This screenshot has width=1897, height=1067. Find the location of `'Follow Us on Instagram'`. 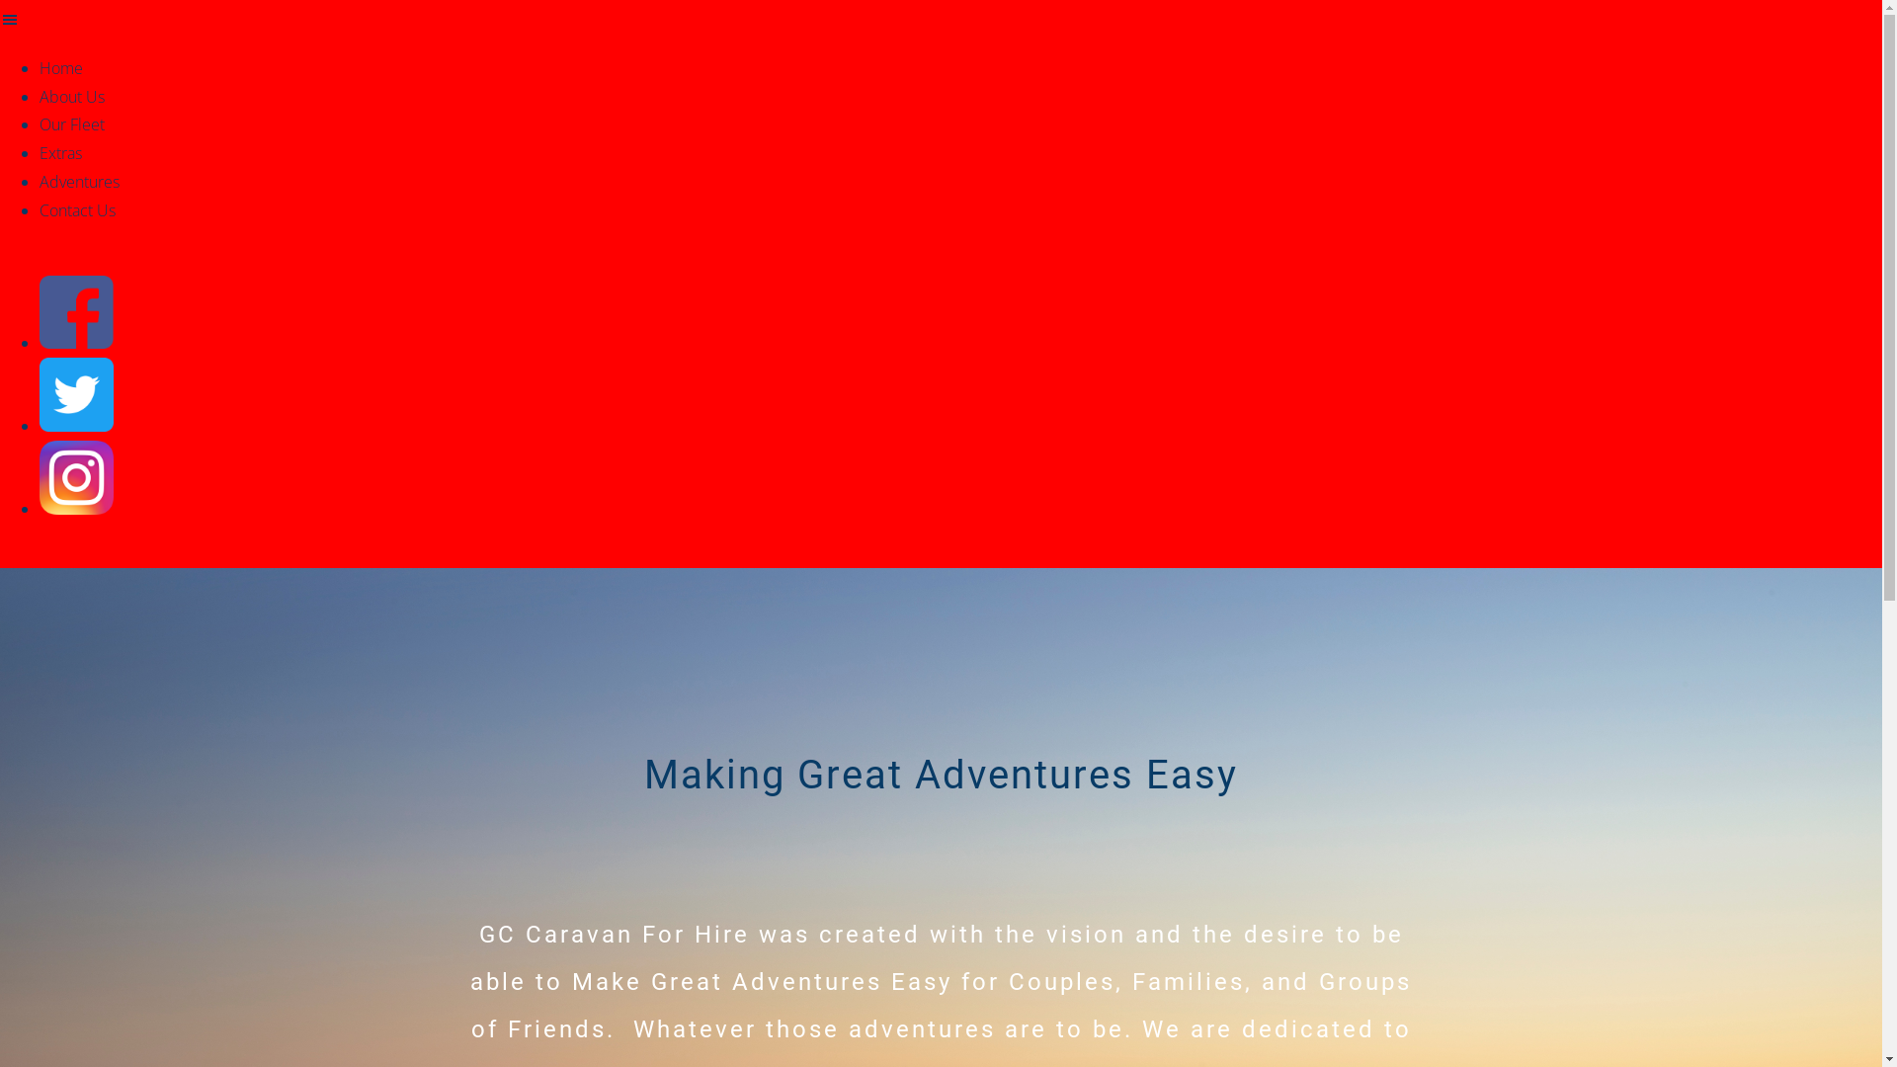

'Follow Us on Instagram' is located at coordinates (76, 508).